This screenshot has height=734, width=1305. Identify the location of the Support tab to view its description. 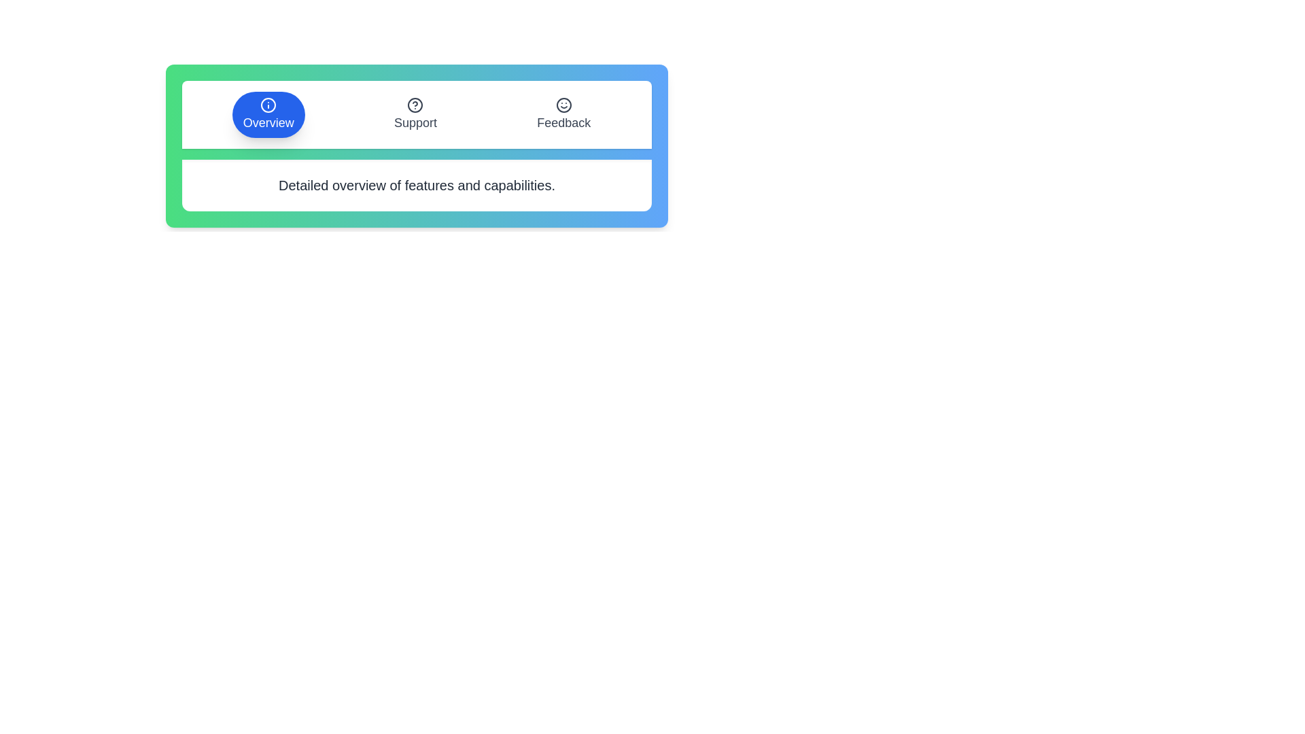
(414, 114).